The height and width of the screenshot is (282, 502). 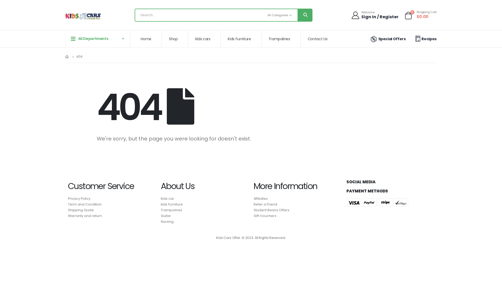 I want to click on 'Shipping Guide', so click(x=67, y=210).